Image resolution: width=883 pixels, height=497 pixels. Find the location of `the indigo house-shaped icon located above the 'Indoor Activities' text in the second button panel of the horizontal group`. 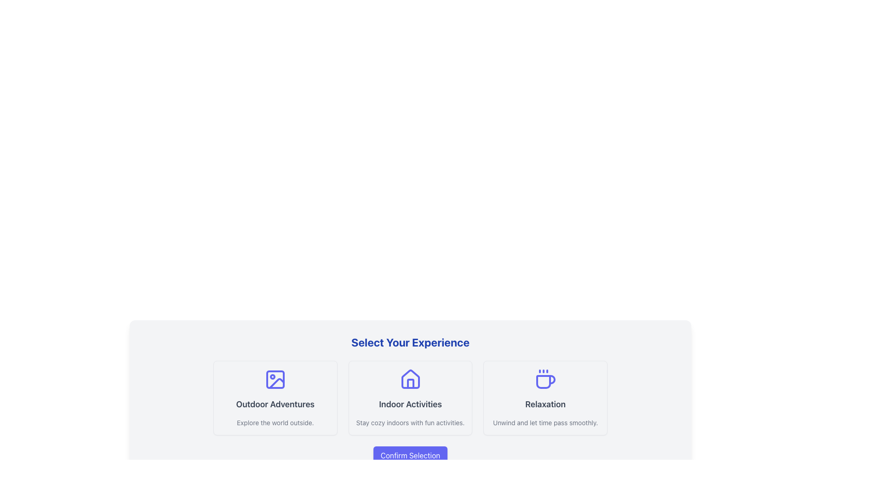

the indigo house-shaped icon located above the 'Indoor Activities' text in the second button panel of the horizontal group is located at coordinates (410, 380).